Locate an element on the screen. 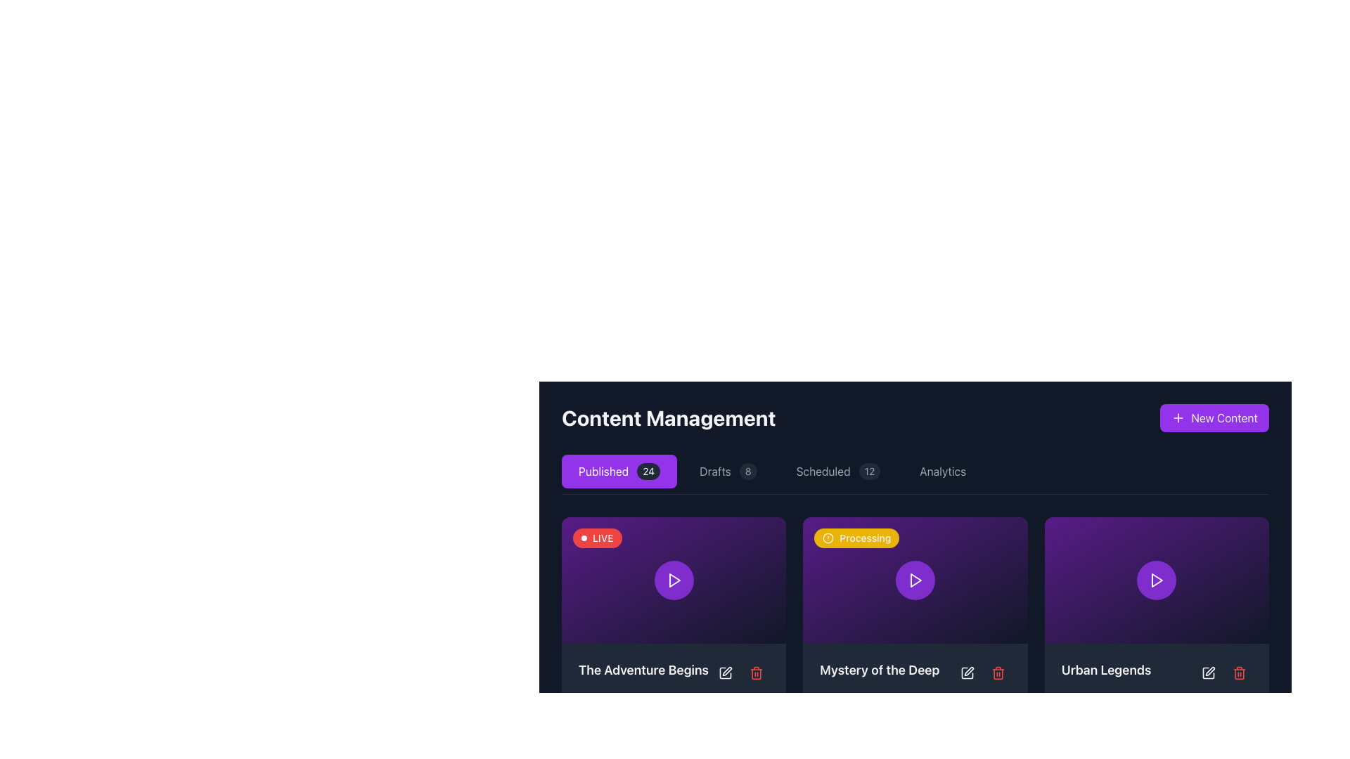 This screenshot has width=1350, height=759. the badge displaying the number '8' which is located to the right of the 'Drafts' text in the 'Content Management' section, indicating the count for the Drafts category is located at coordinates (747, 472).